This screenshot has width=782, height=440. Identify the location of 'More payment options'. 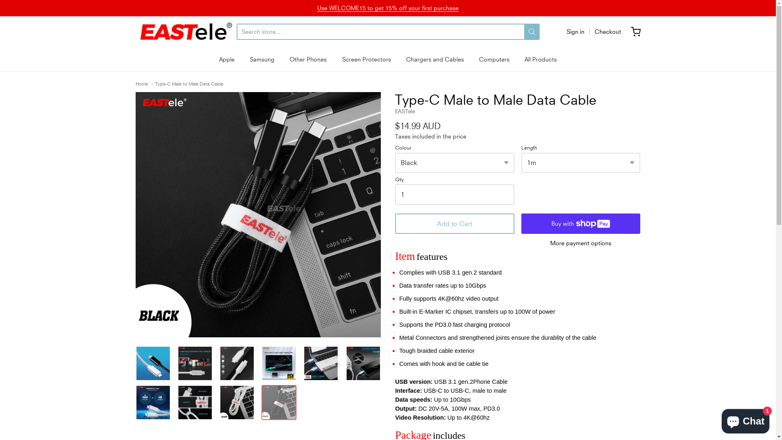
(580, 243).